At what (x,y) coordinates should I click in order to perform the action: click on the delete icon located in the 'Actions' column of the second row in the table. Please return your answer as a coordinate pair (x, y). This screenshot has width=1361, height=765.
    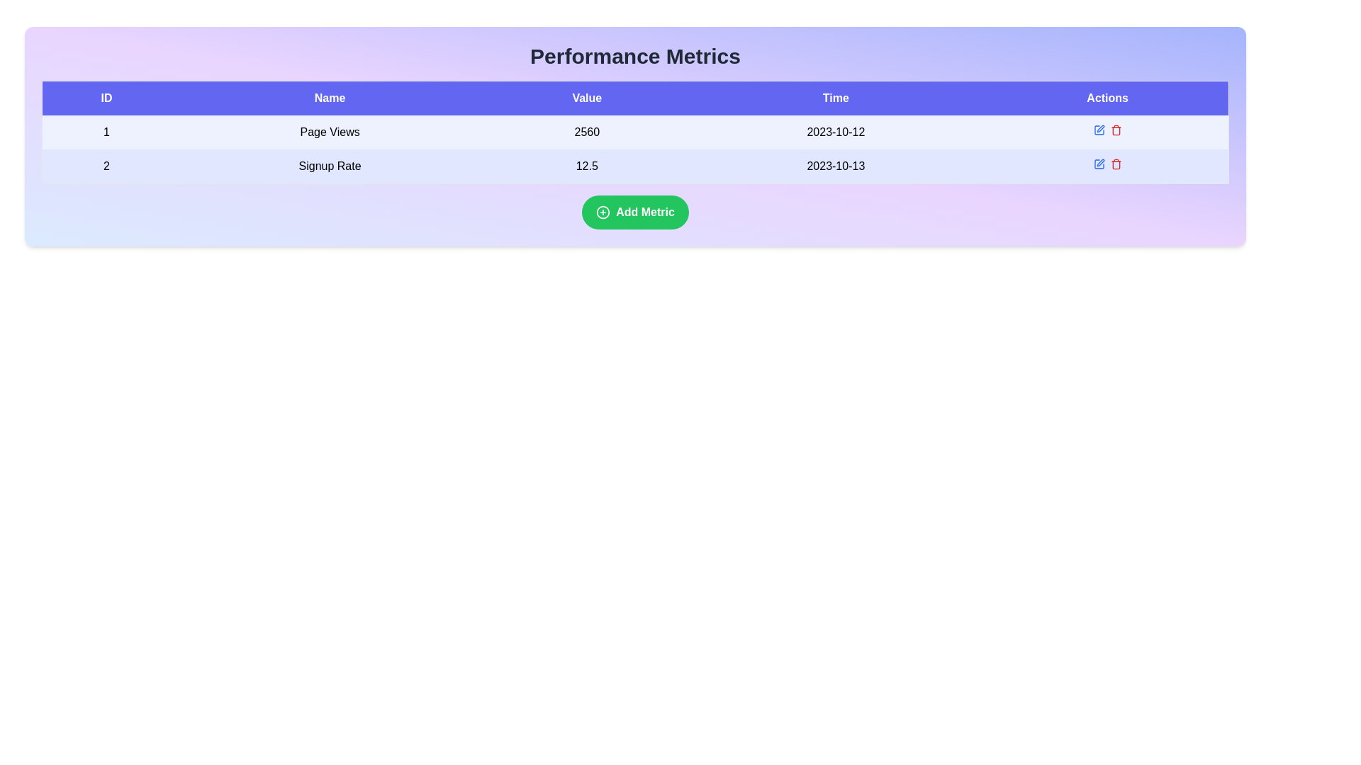
    Looking at the image, I should click on (1115, 164).